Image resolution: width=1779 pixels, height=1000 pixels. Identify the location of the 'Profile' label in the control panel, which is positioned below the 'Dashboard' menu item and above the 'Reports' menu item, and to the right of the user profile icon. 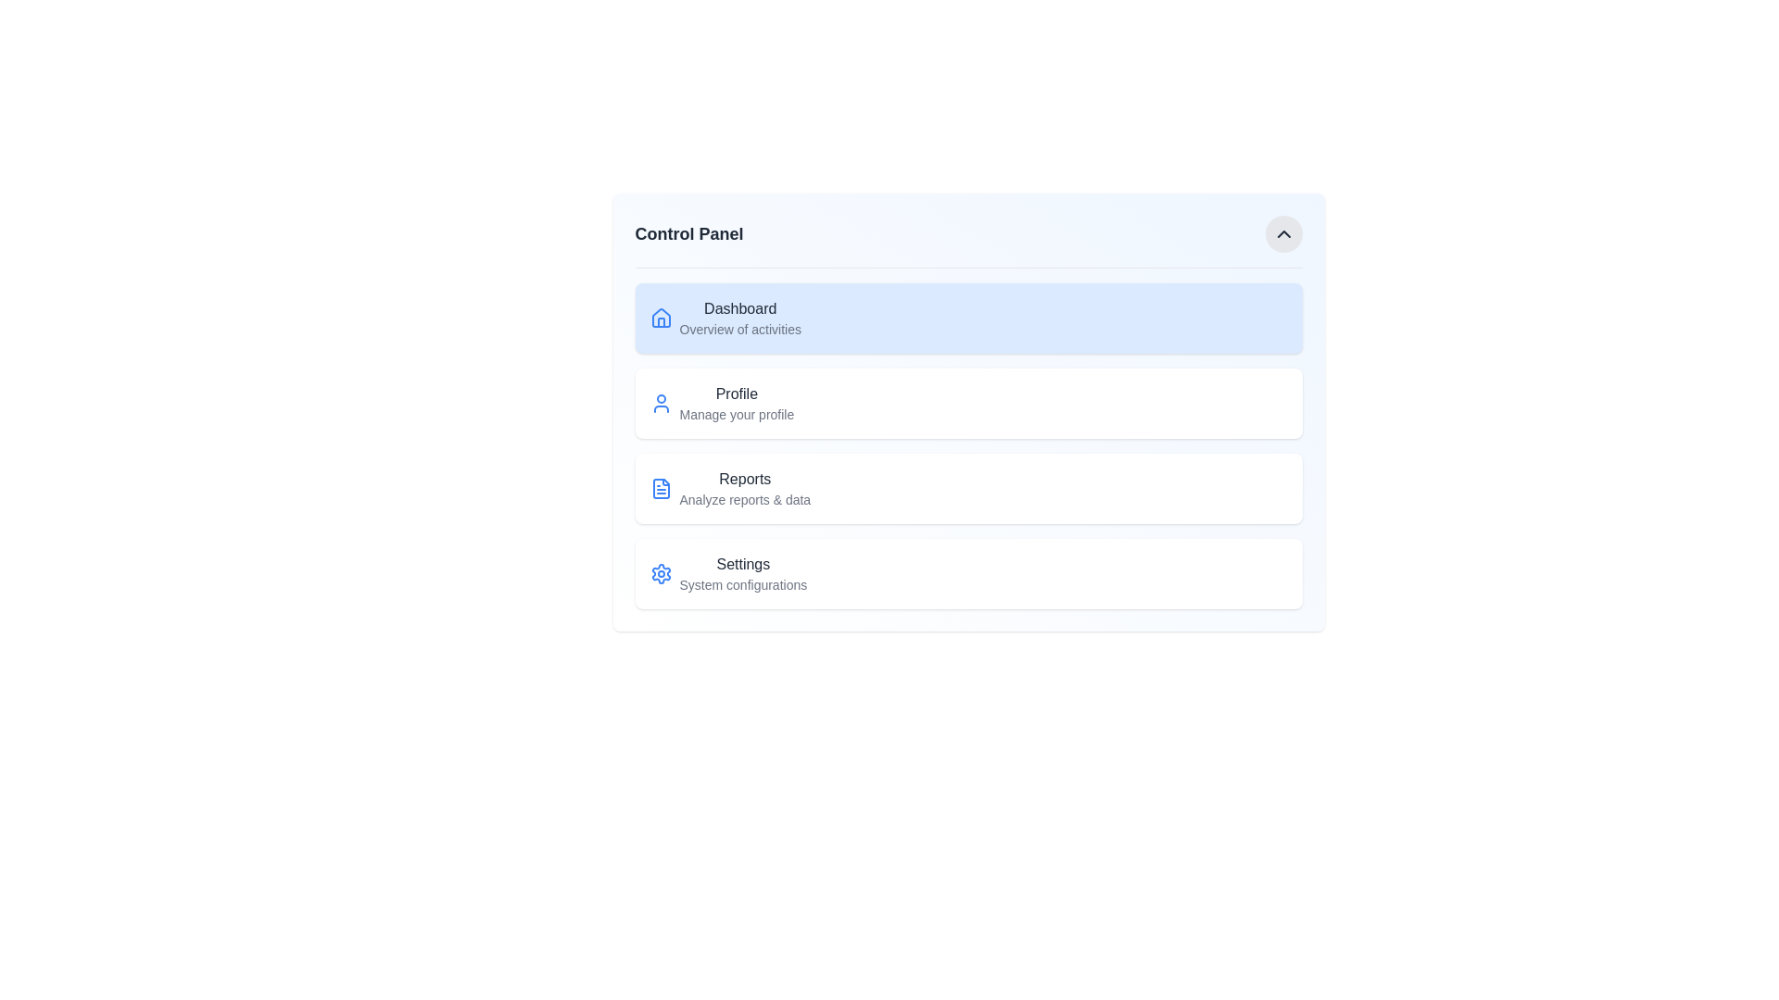
(736, 393).